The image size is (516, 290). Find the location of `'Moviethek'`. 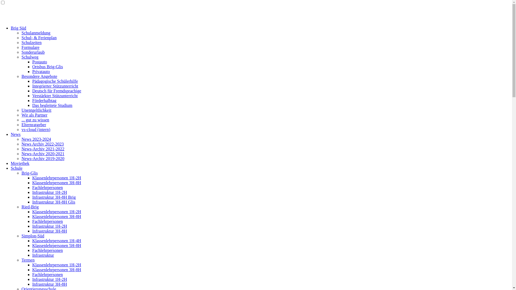

'Moviethek' is located at coordinates (10, 163).